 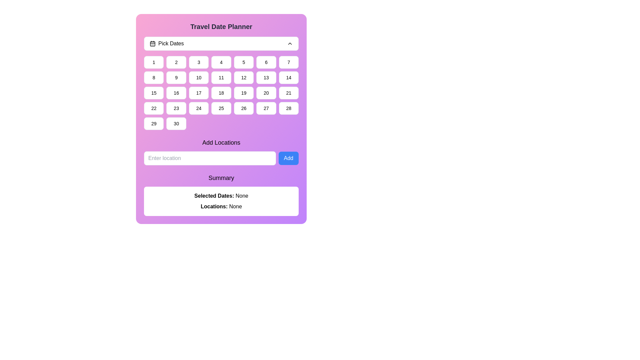 I want to click on the Informational text box located in the 'Summary' section, which summarizes the user's selections of dates and locations, so click(x=221, y=201).